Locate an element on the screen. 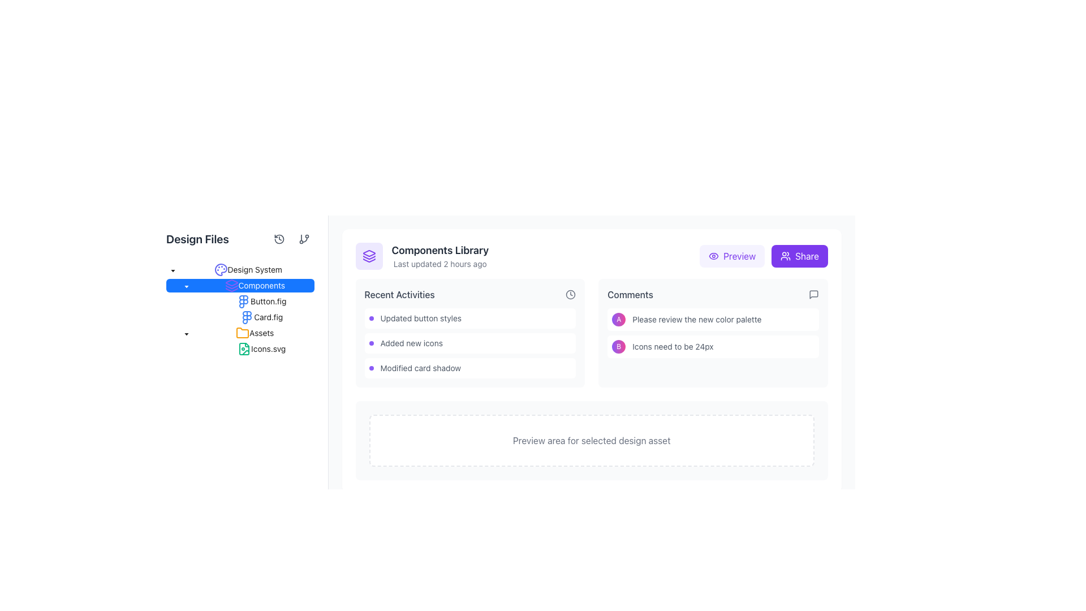  the downward-facing chevron icon of the Tree Node Expander located next to the 'Assets' label in the navigation sidebar is located at coordinates (187, 333).